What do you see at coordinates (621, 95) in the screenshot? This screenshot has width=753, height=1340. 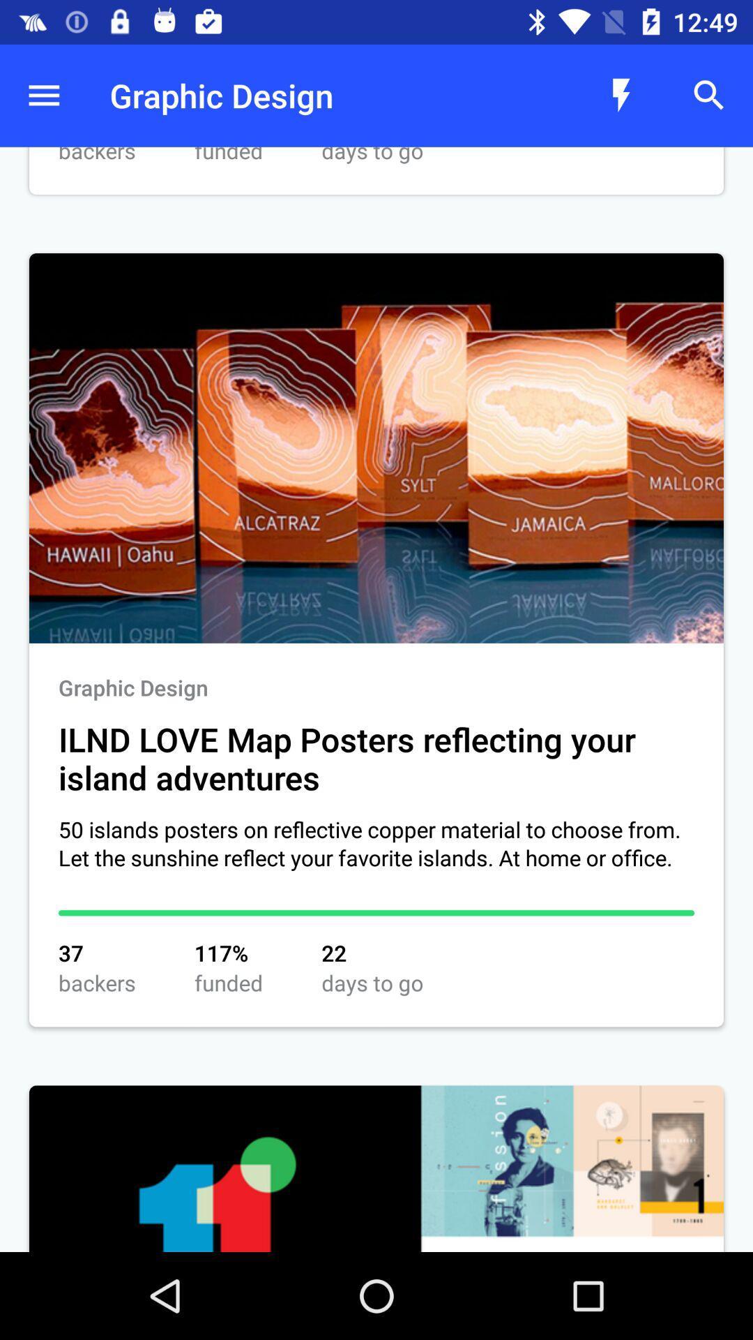 I see `the icon next to the graphic design item` at bounding box center [621, 95].